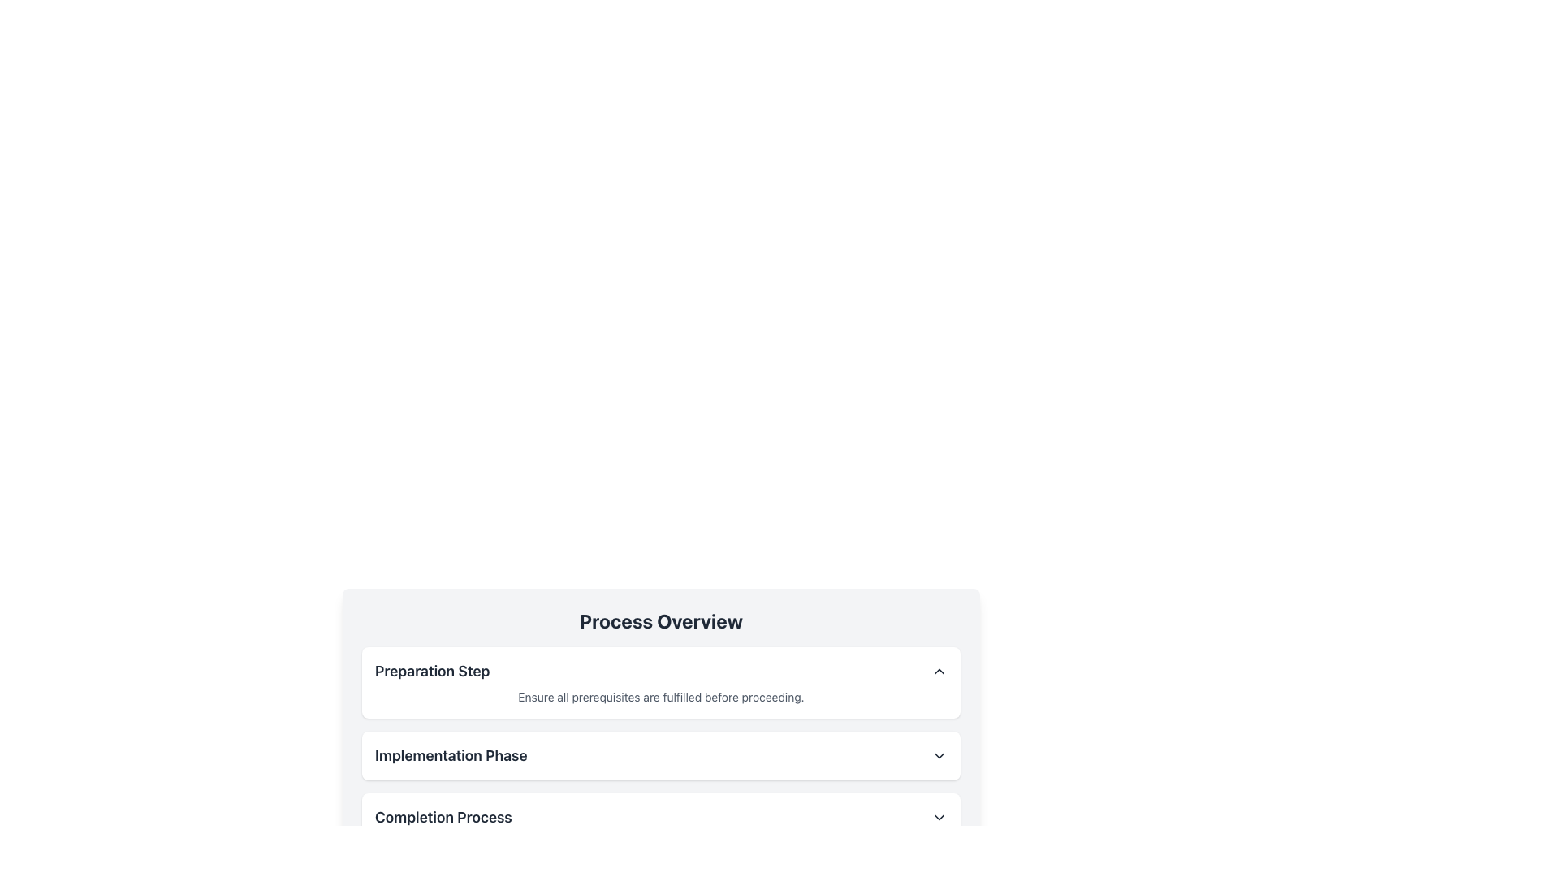 Image resolution: width=1559 pixels, height=877 pixels. I want to click on the indicator icon for the 'Implementation Phase' section to trigger hover effects, so click(939, 755).